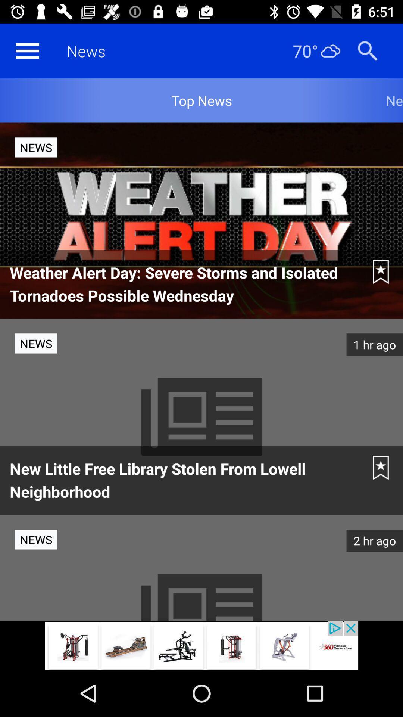 Image resolution: width=403 pixels, height=717 pixels. Describe the element at coordinates (27, 50) in the screenshot. I see `the menu icon` at that location.